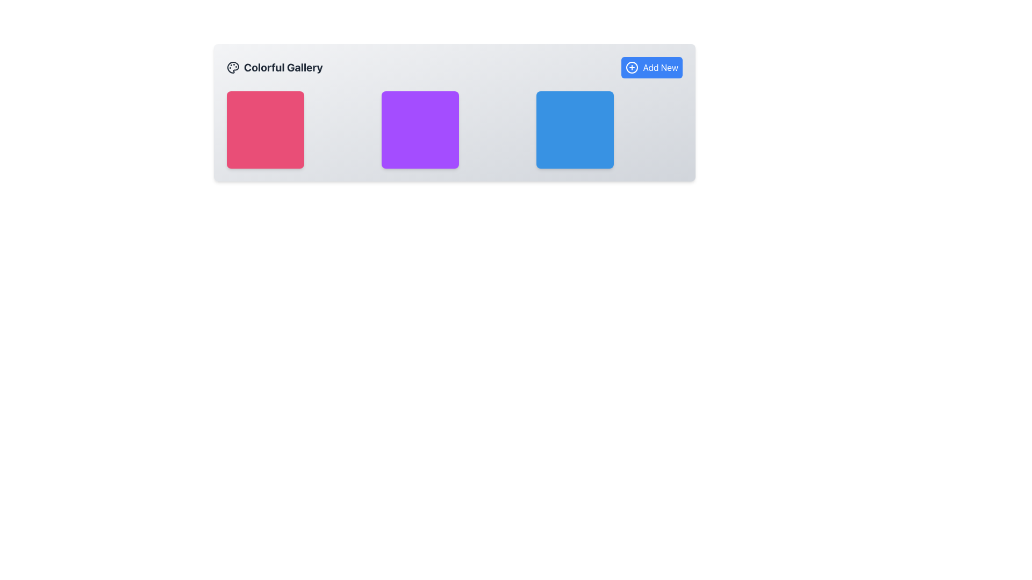 The image size is (1032, 580). I want to click on the compact palette icon resembling a painter's palette, located to the left of the 'Colorful Gallery' text in the header section, so click(232, 68).